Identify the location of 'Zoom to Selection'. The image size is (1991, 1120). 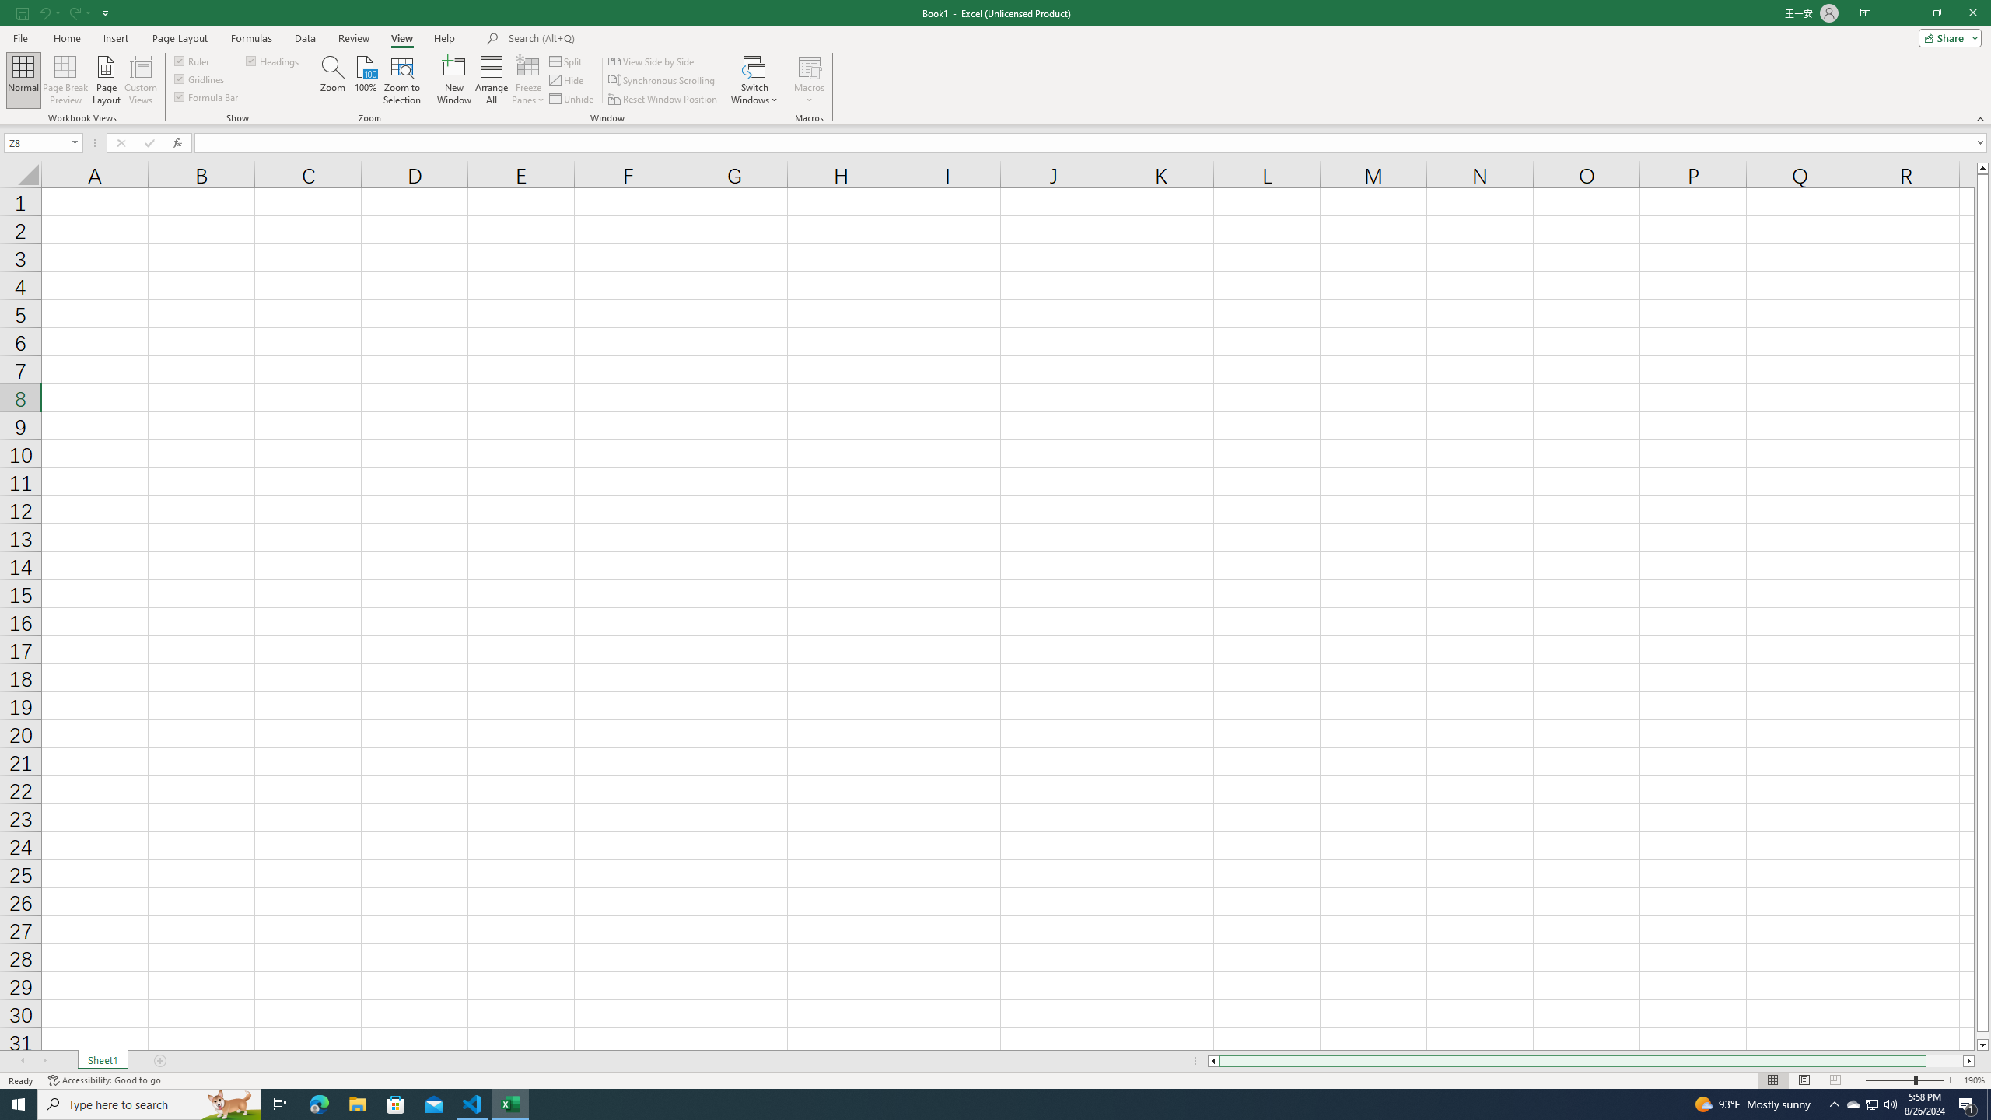
(402, 80).